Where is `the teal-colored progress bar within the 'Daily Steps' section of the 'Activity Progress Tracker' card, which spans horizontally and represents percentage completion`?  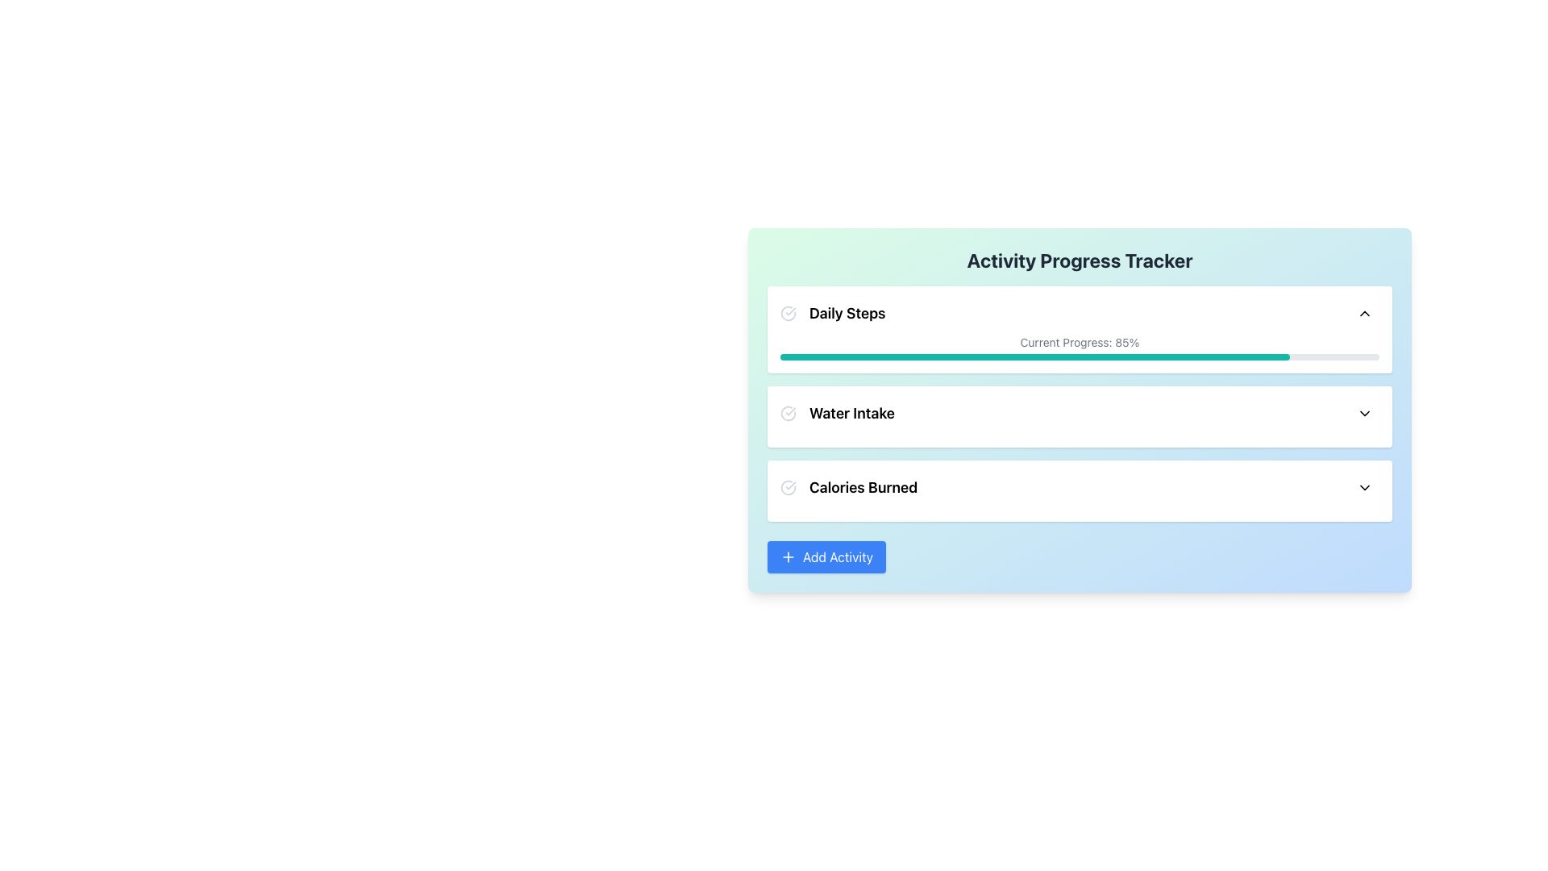
the teal-colored progress bar within the 'Daily Steps' section of the 'Activity Progress Tracker' card, which spans horizontally and represents percentage completion is located at coordinates (1034, 356).